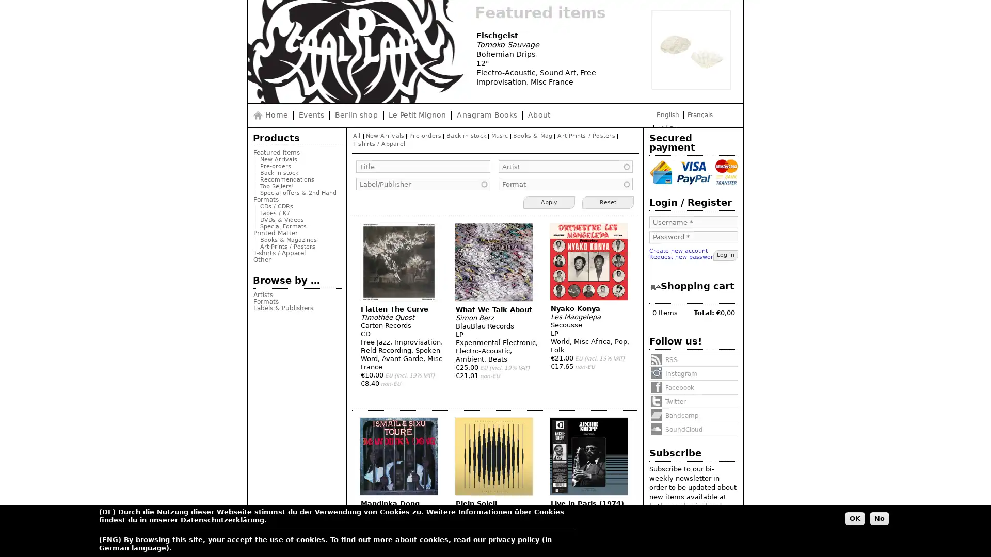  Describe the element at coordinates (855, 518) in the screenshot. I see `OK` at that location.